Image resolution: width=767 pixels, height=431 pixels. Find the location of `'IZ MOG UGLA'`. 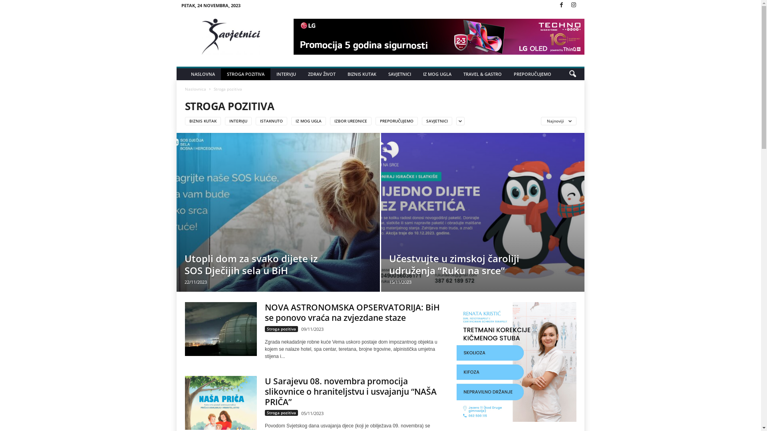

'IZ MOG UGLA' is located at coordinates (308, 121).